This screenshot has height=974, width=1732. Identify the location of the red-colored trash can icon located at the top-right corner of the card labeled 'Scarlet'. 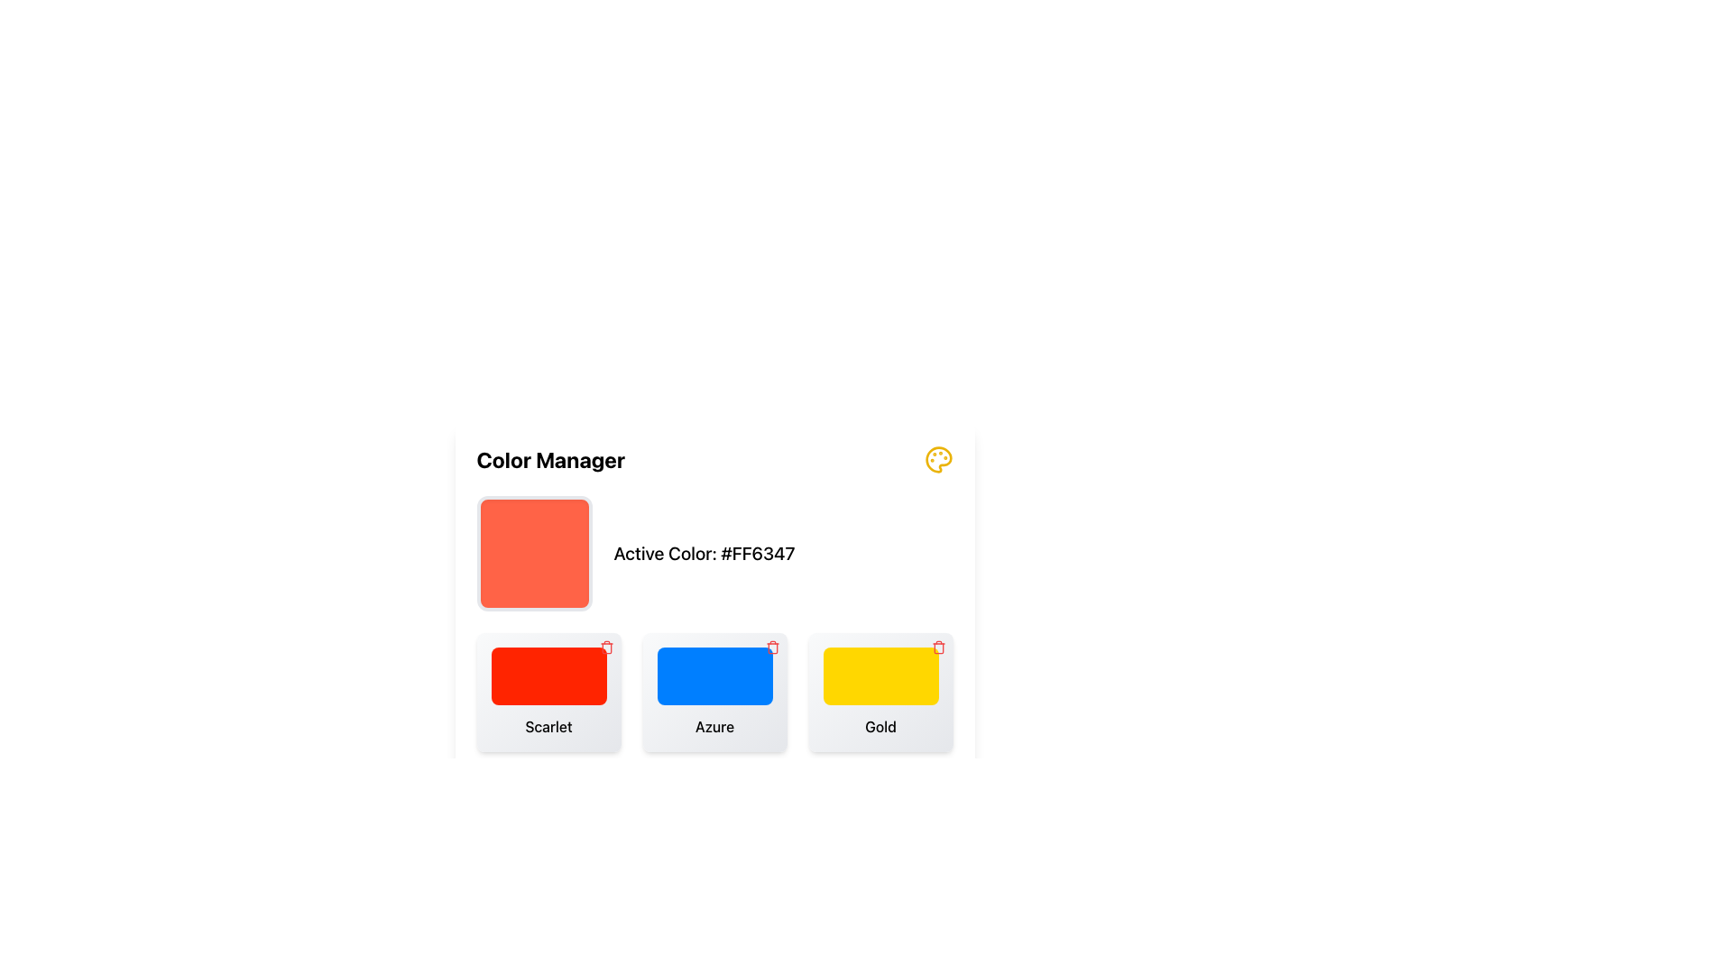
(606, 646).